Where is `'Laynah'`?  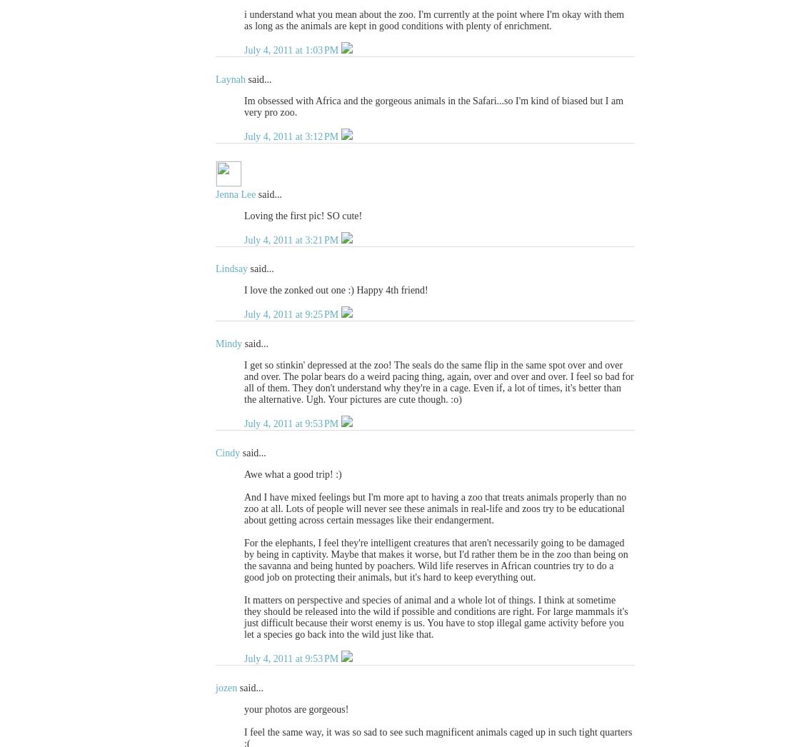
'Laynah' is located at coordinates (230, 78).